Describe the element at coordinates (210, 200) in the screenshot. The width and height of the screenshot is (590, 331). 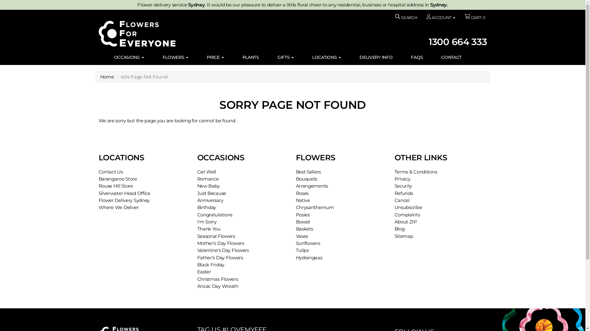
I see `'Anniversary'` at that location.